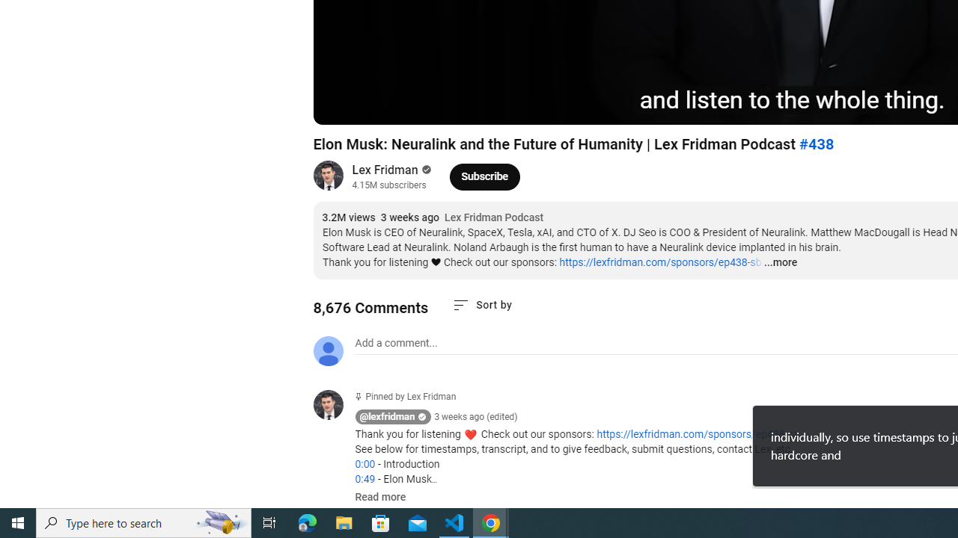 Image resolution: width=958 pixels, height=538 pixels. Describe the element at coordinates (482, 304) in the screenshot. I see `'Sort comments'` at that location.